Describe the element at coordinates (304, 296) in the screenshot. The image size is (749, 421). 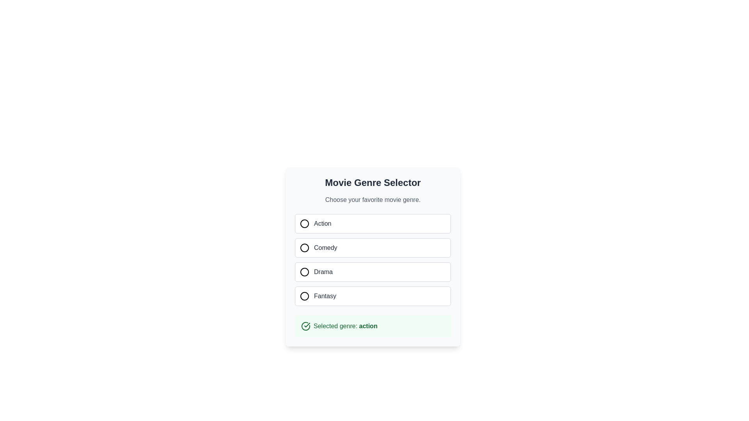
I see `the SVG circle element representing the radio button indicator for the 'Fantasy' option in the 'Movie Genre Selector' interface` at that location.